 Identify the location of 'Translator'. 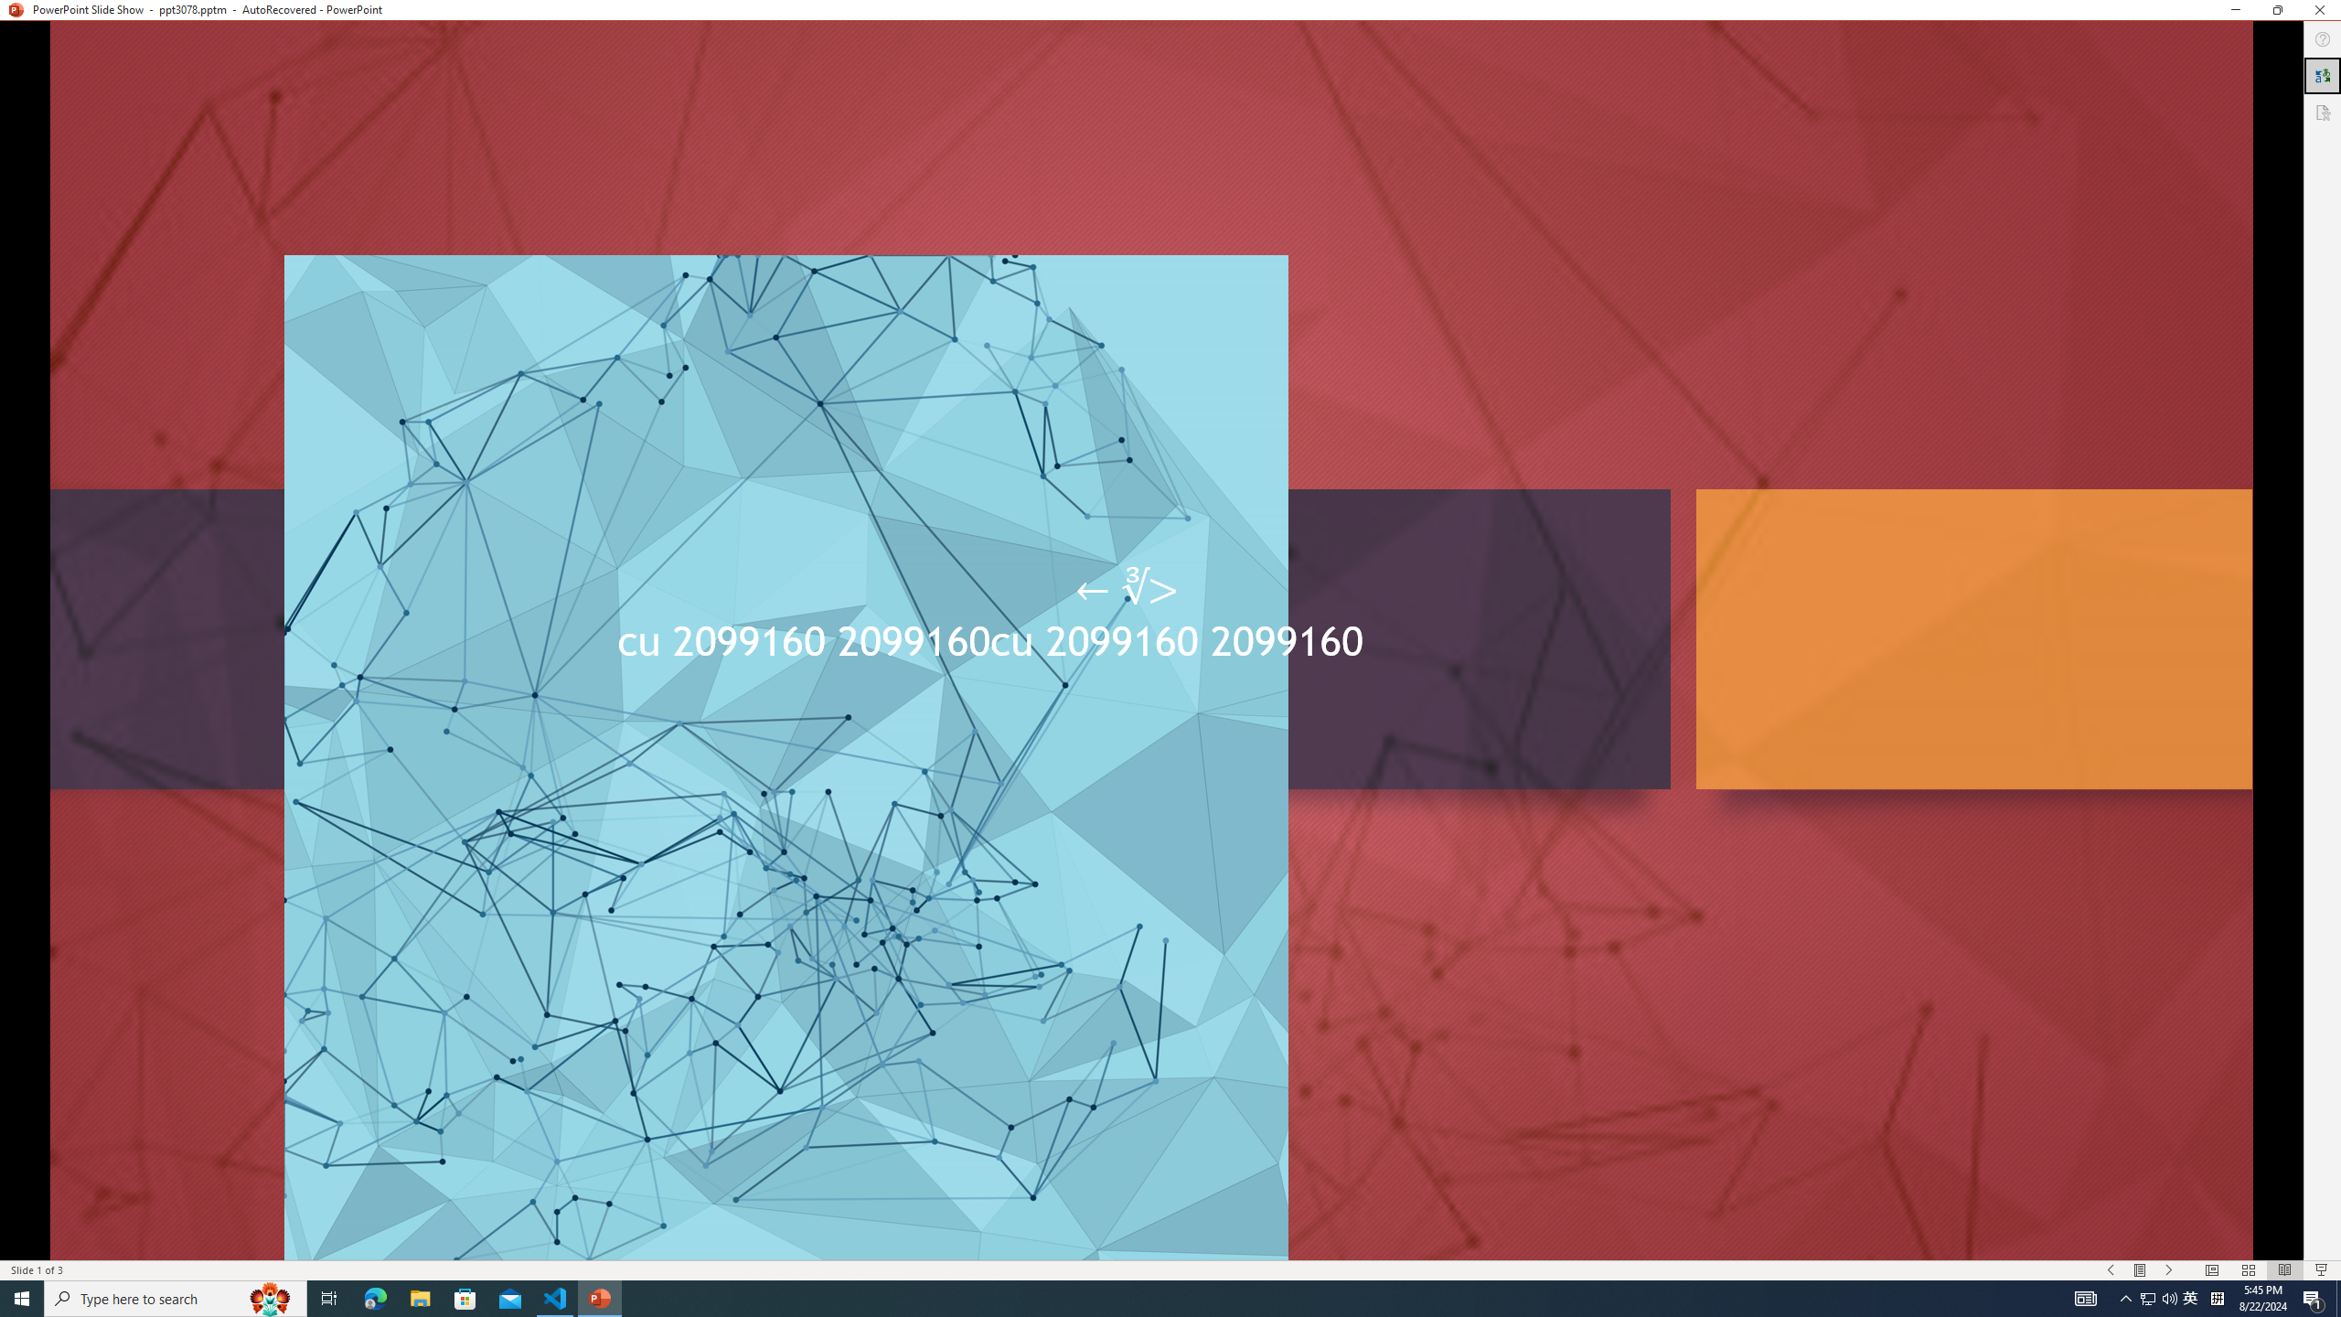
(2322, 76).